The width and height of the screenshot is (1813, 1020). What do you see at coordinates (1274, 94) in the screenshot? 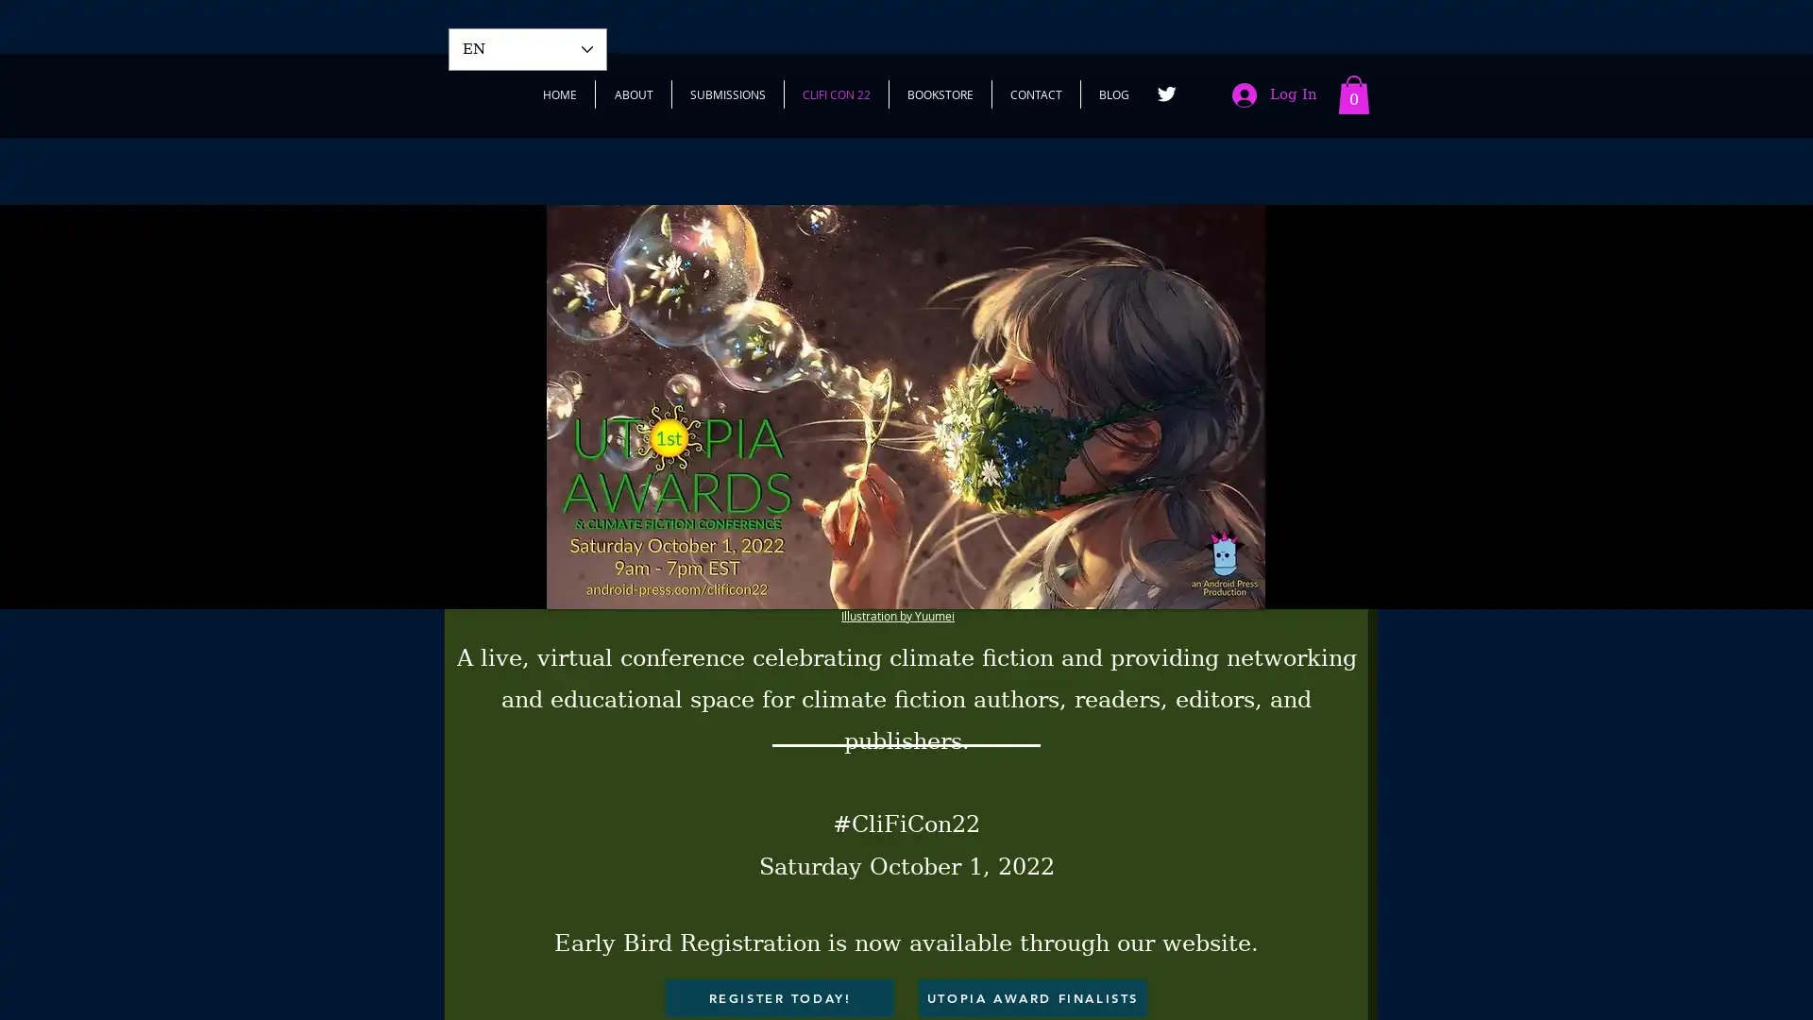
I see `Log In` at bounding box center [1274, 94].